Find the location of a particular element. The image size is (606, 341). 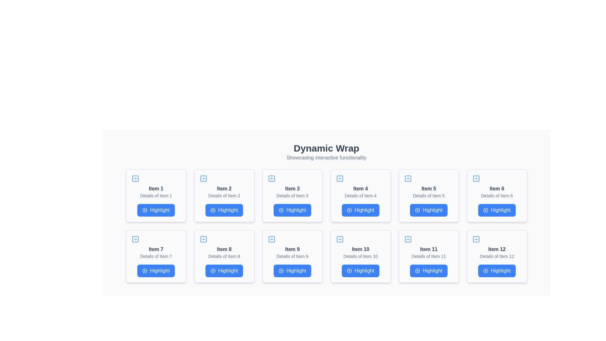

the rounded rectangle SVG graphical element within the card labeled 'Item 7', which is the first card in the third row of the grid is located at coordinates (135, 239).